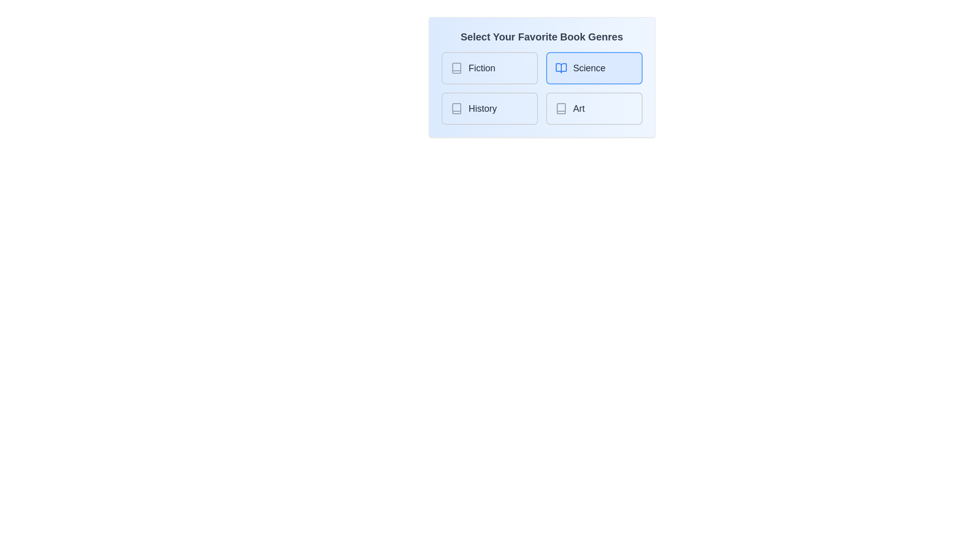  I want to click on the selection state of the genre Fiction, so click(490, 68).